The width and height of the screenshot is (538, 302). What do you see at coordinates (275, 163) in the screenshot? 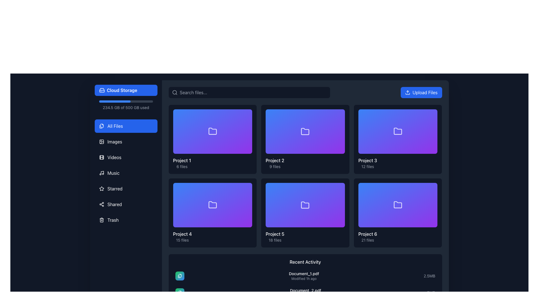
I see `the text block labeled 'Project 2' which contains the title and the smaller text '9 files'` at bounding box center [275, 163].